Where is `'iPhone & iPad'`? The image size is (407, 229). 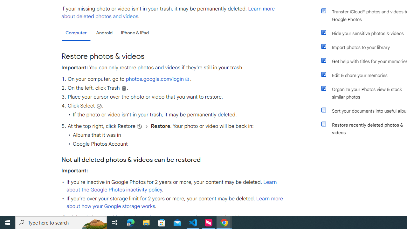
'iPhone & iPad' is located at coordinates (135, 33).